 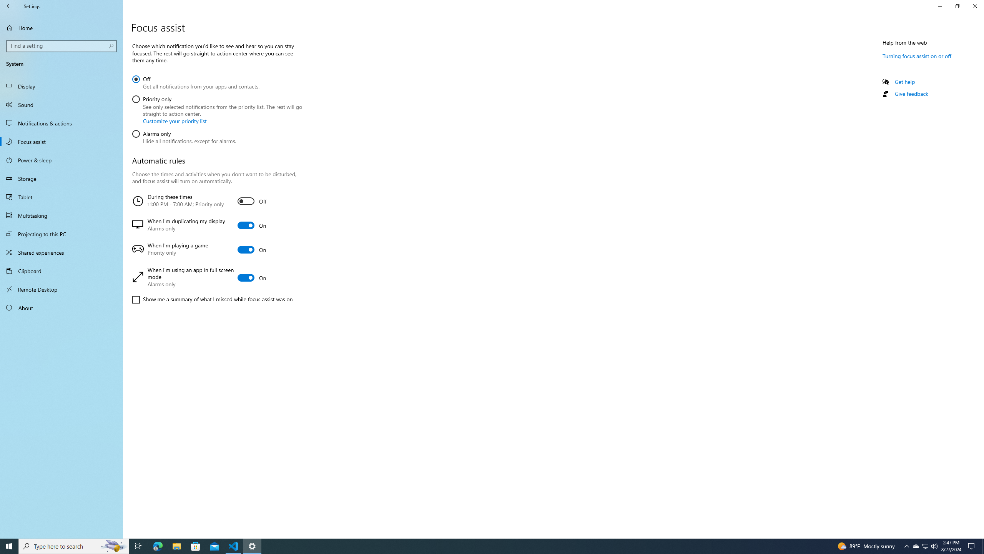 I want to click on 'When I', so click(x=215, y=277).